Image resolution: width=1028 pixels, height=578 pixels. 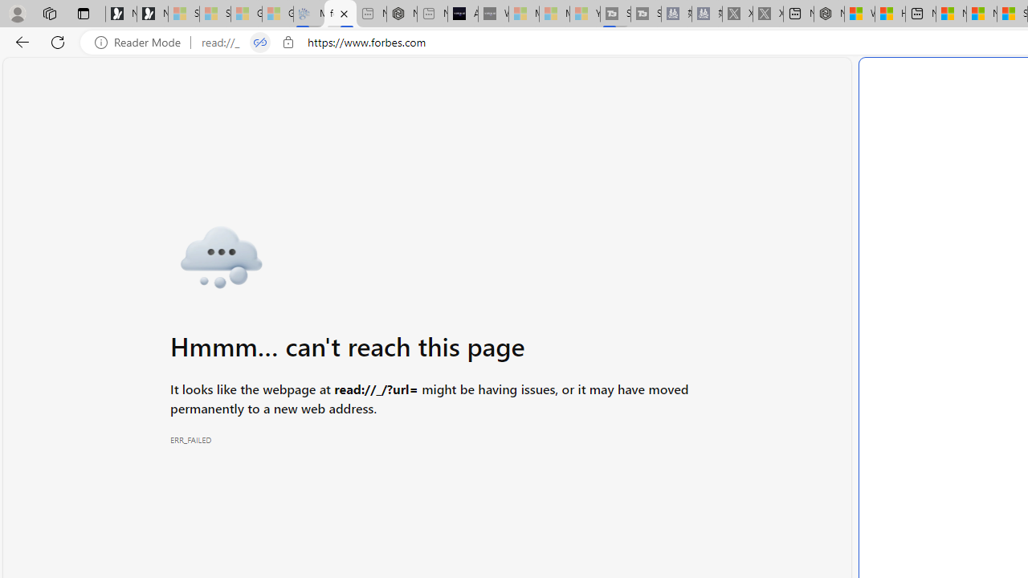 I want to click on 'Microsoft Start Sports - Sleeping', so click(x=524, y=14).